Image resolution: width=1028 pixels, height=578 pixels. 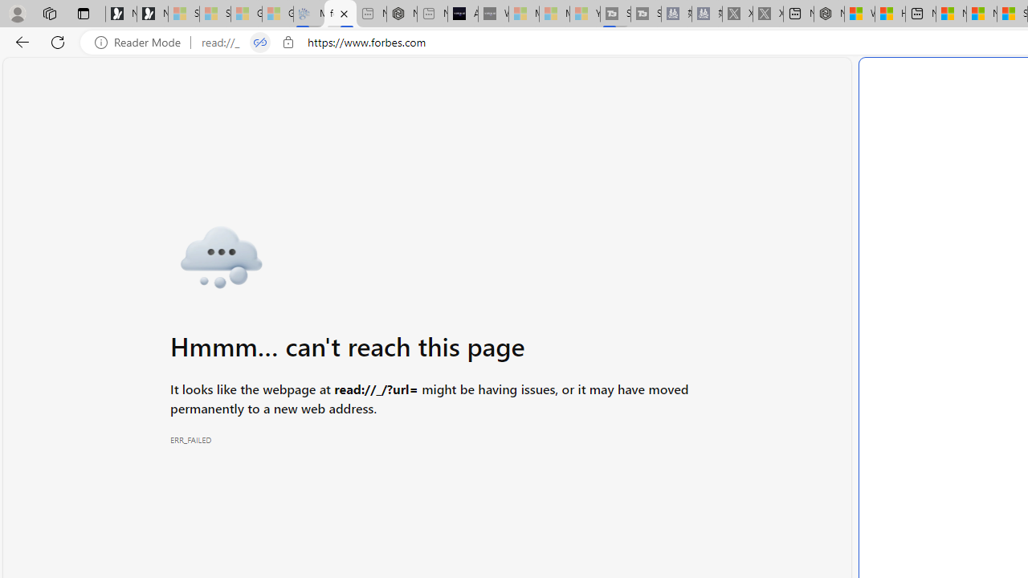 I want to click on 'Microsoft Start Sports - Sleeping', so click(x=524, y=14).